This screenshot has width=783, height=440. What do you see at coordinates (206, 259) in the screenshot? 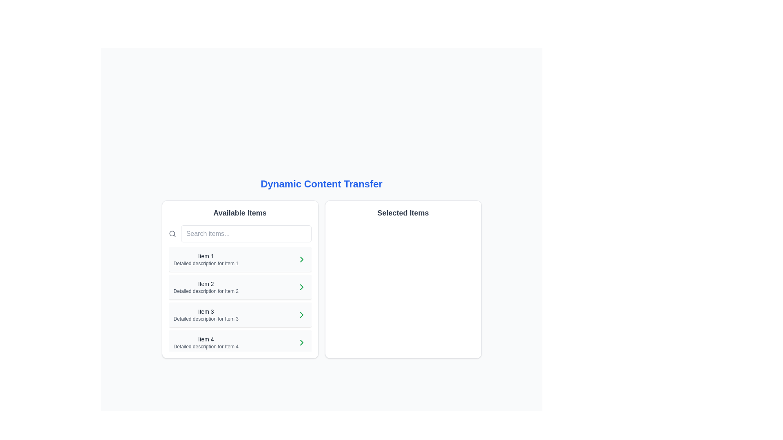
I see `the first item in the 'Available Items' list, which contains a title and a brief description` at bounding box center [206, 259].